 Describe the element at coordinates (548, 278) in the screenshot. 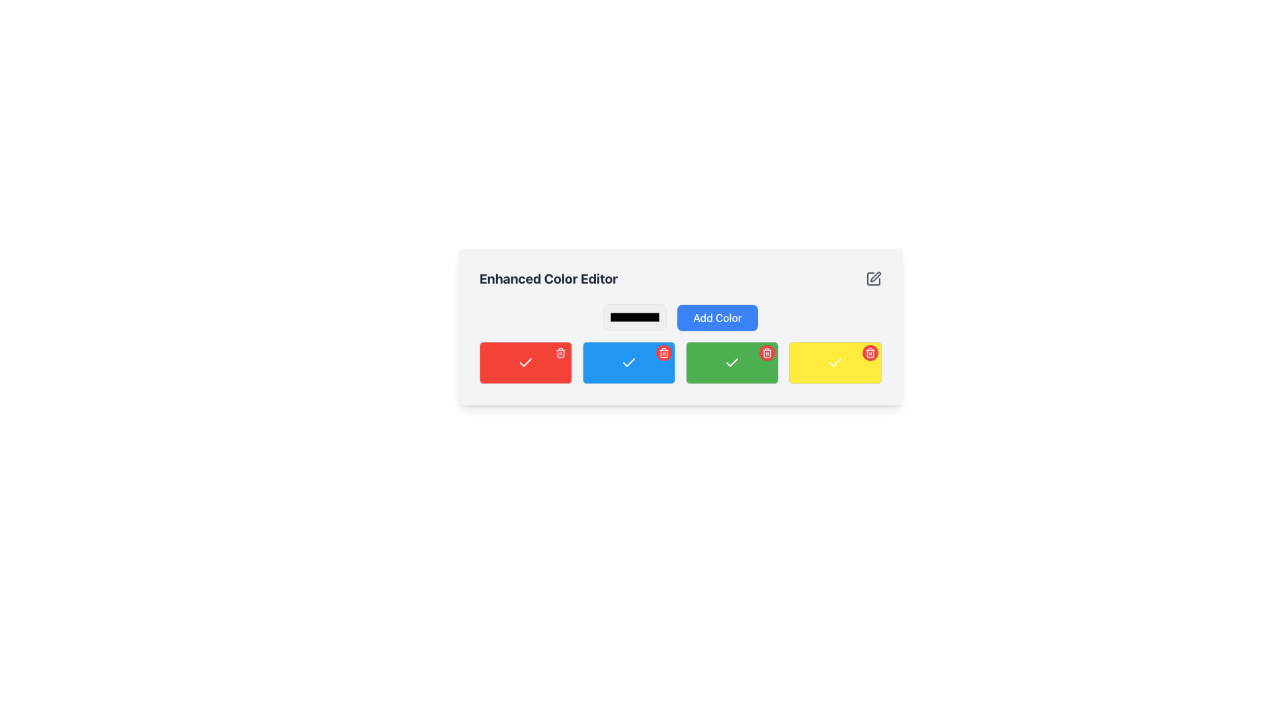

I see `the text label located at the top-left corner of the color editing section, which describes its functionality` at that location.